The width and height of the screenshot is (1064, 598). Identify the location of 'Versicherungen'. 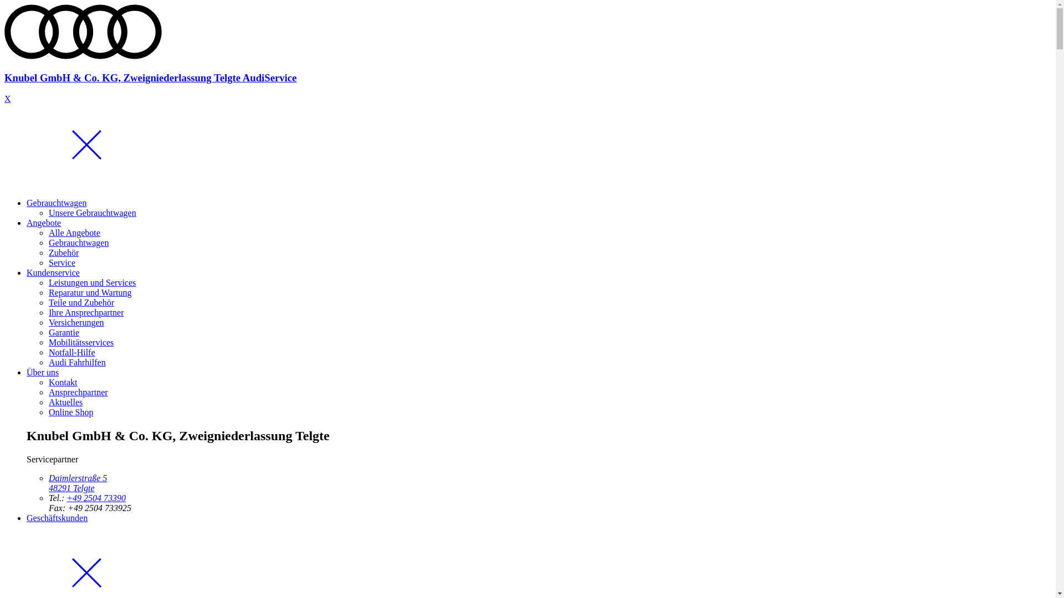
(76, 322).